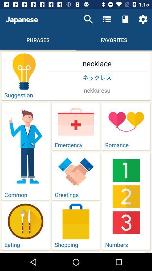  Describe the element at coordinates (125, 19) in the screenshot. I see `the icon above favorites` at that location.